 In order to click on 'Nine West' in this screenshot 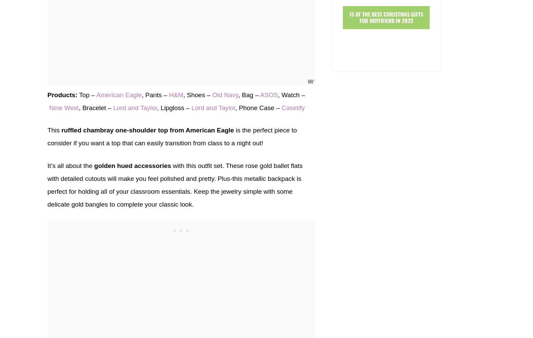, I will do `click(64, 107)`.